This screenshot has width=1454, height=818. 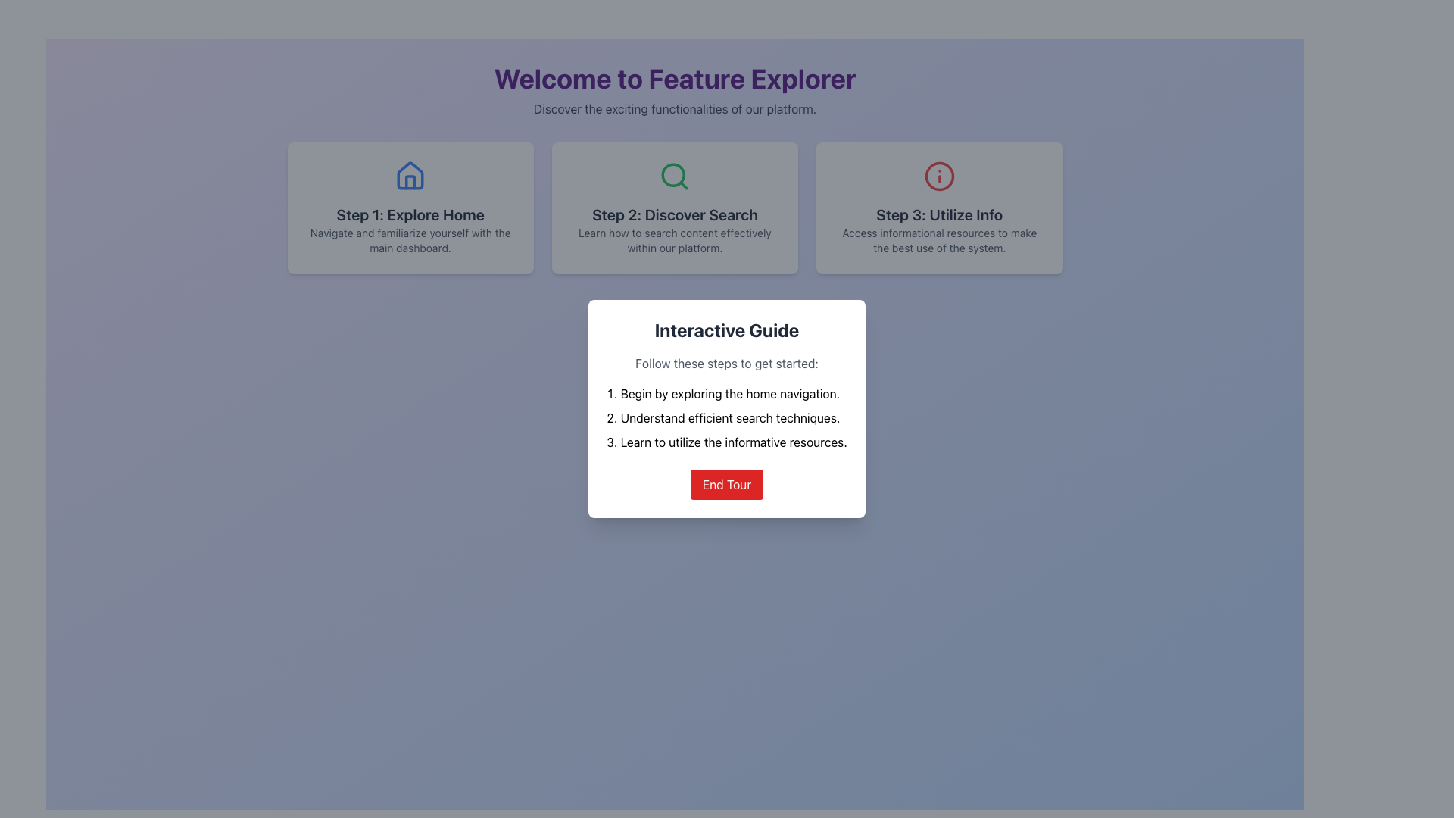 What do you see at coordinates (938, 175) in the screenshot?
I see `the circular red icon featuring an 'i' symbol inside` at bounding box center [938, 175].